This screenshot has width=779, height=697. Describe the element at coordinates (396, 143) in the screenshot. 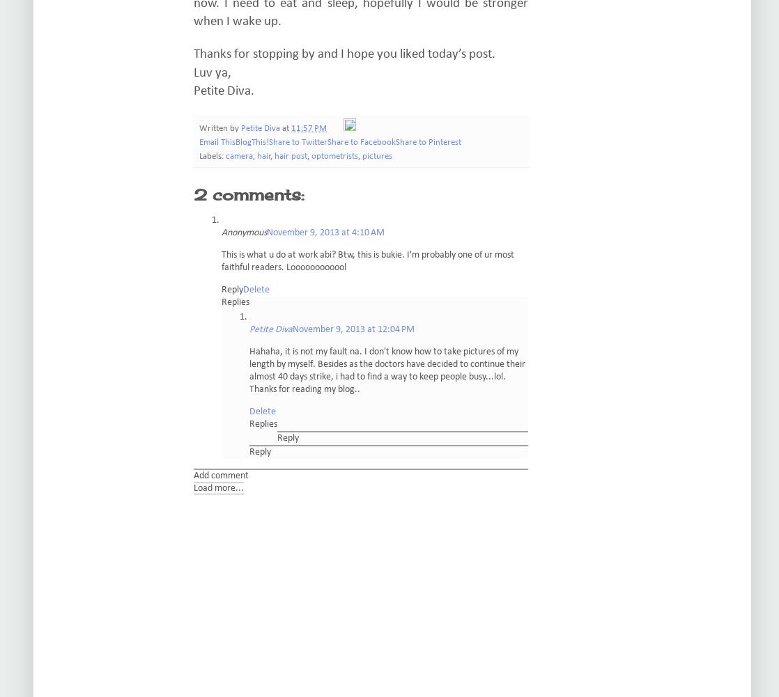

I see `'Share to Pinterest'` at that location.